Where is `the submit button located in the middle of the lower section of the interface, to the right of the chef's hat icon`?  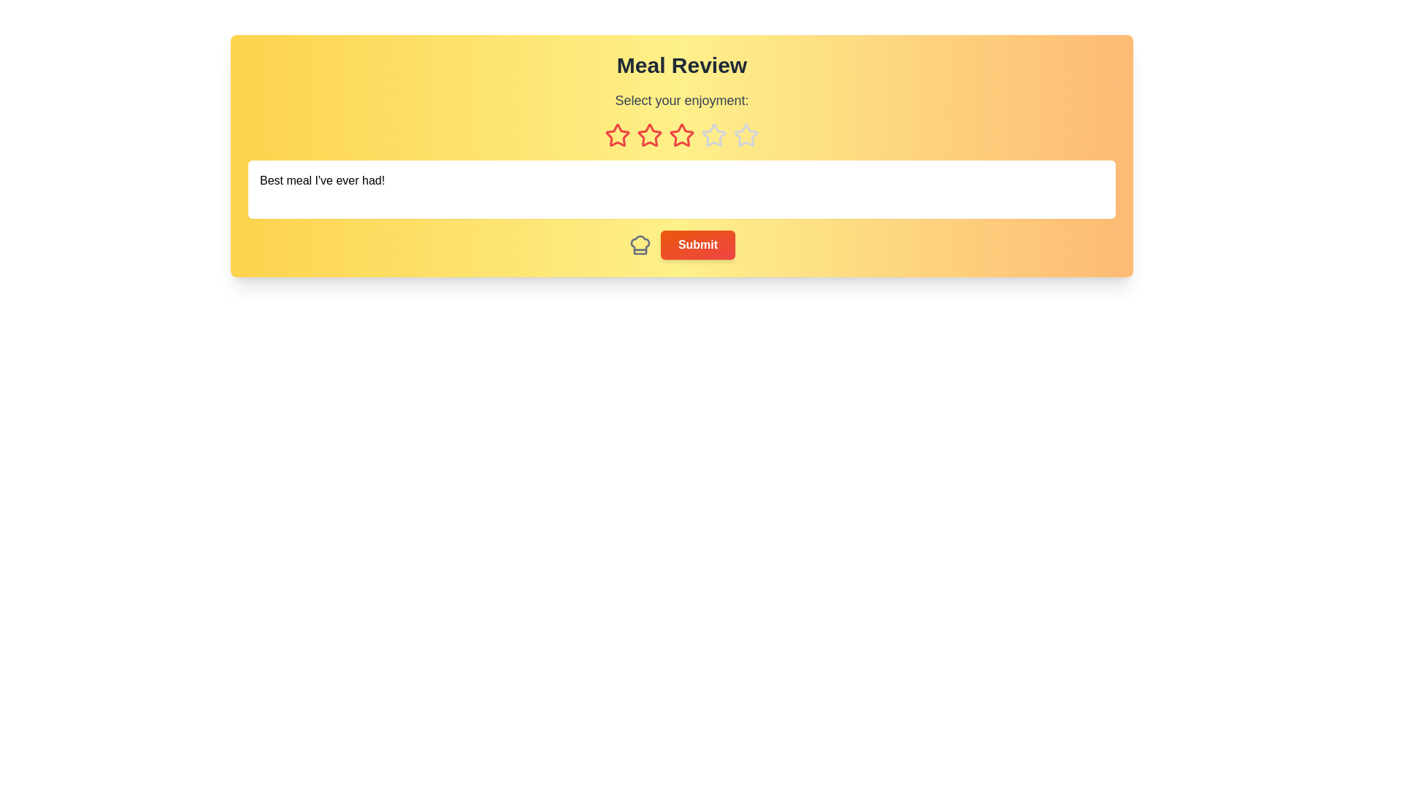 the submit button located in the middle of the lower section of the interface, to the right of the chef's hat icon is located at coordinates (697, 244).